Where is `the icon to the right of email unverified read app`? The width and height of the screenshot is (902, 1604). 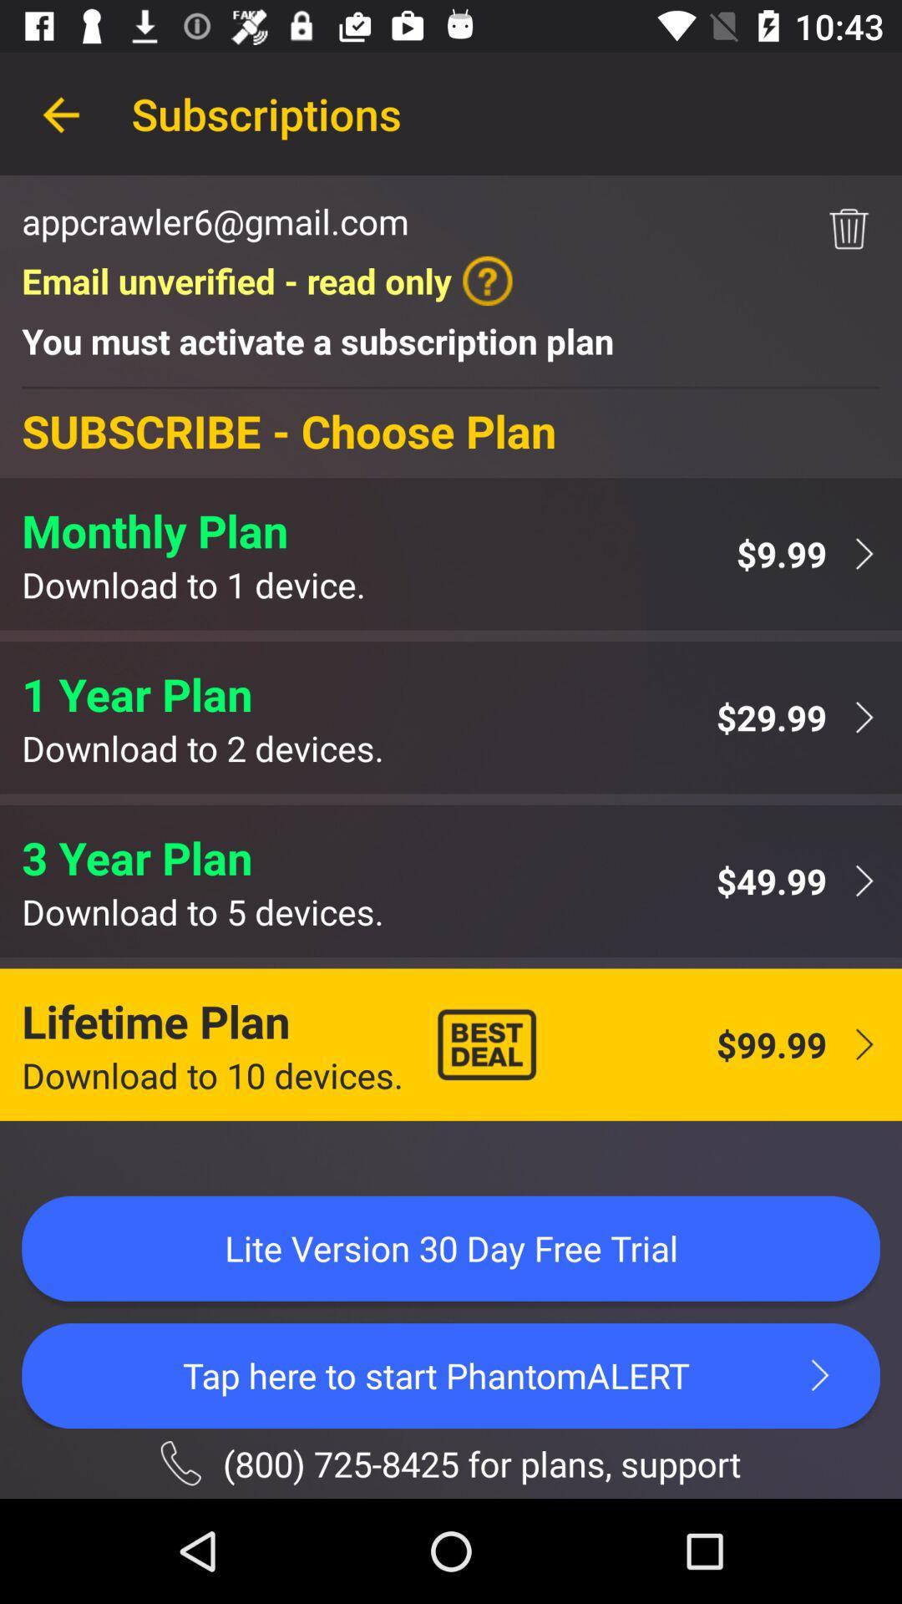 the icon to the right of email unverified read app is located at coordinates (849, 228).